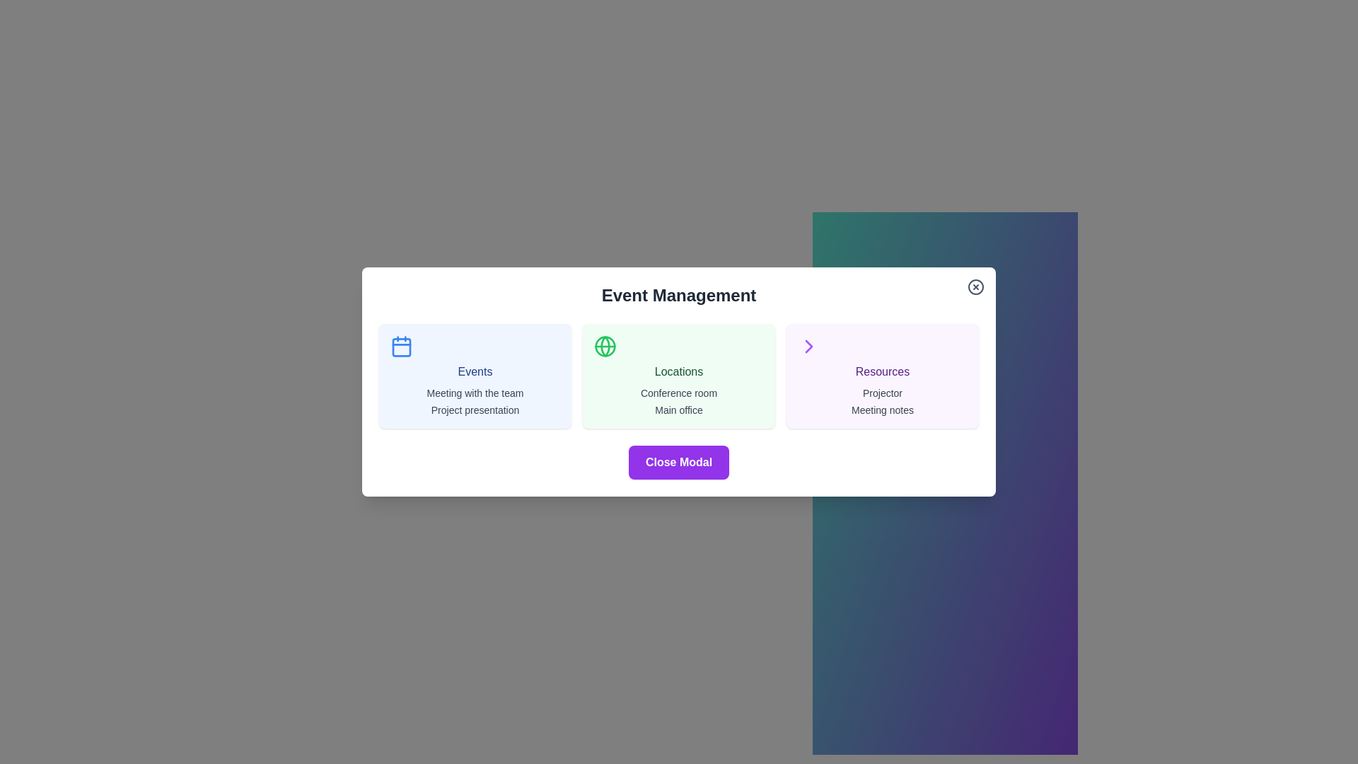 Image resolution: width=1358 pixels, height=764 pixels. Describe the element at coordinates (882, 393) in the screenshot. I see `the static text label titled 'Projector' located in the 'Resources' section of the modal, which is the top entry above 'Meeting notes'` at that location.